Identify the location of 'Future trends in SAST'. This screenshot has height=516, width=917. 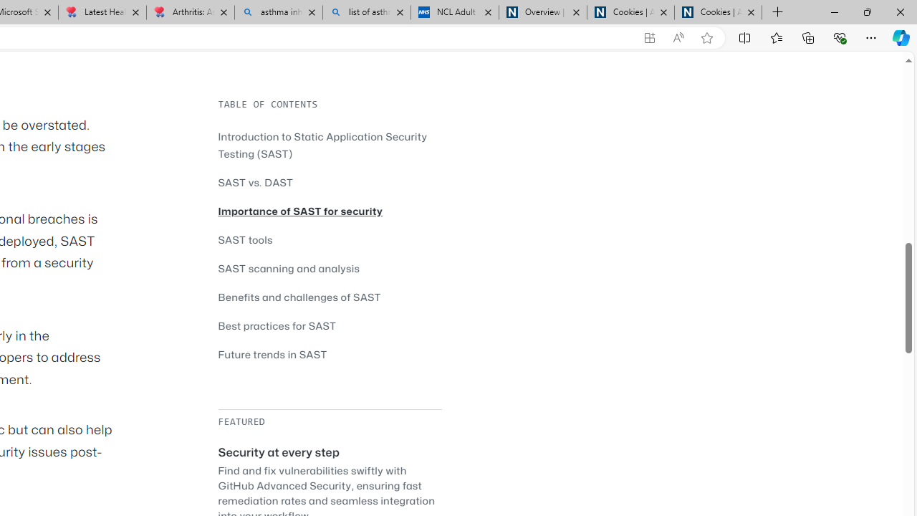
(272, 354).